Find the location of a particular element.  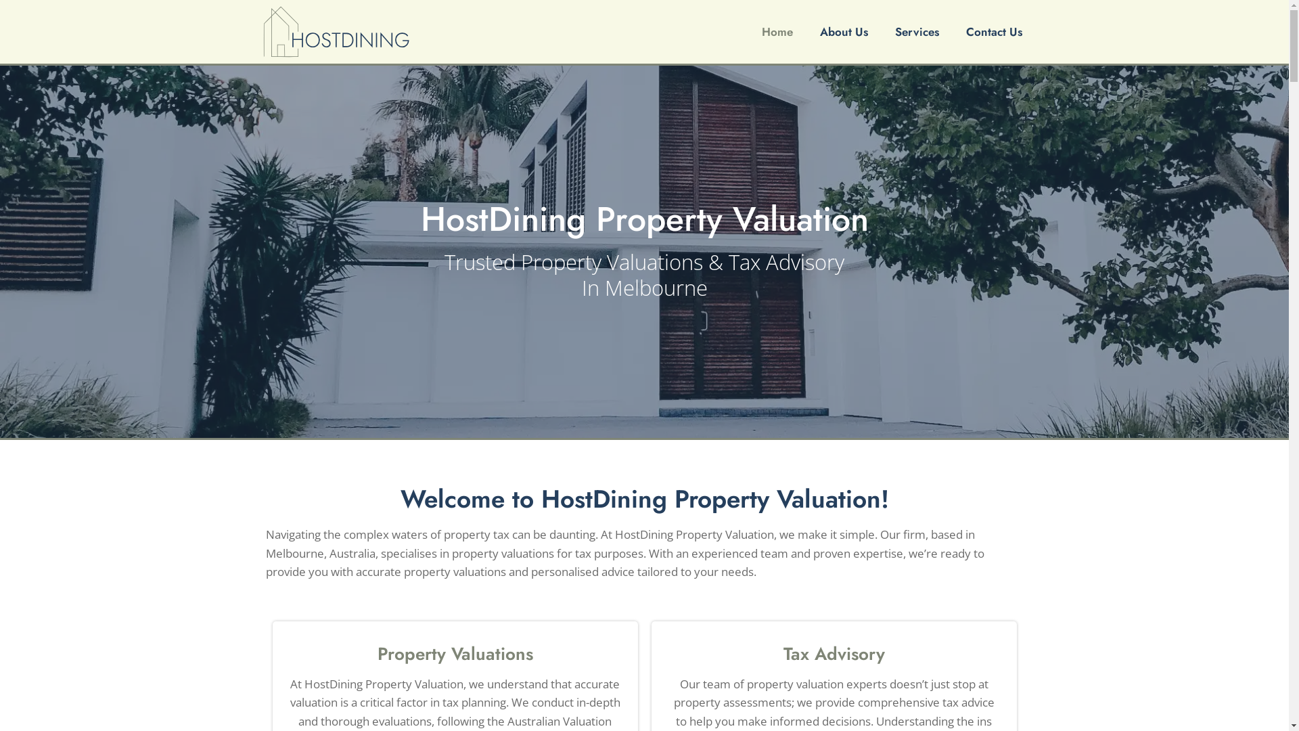

'Services' is located at coordinates (888, 30).